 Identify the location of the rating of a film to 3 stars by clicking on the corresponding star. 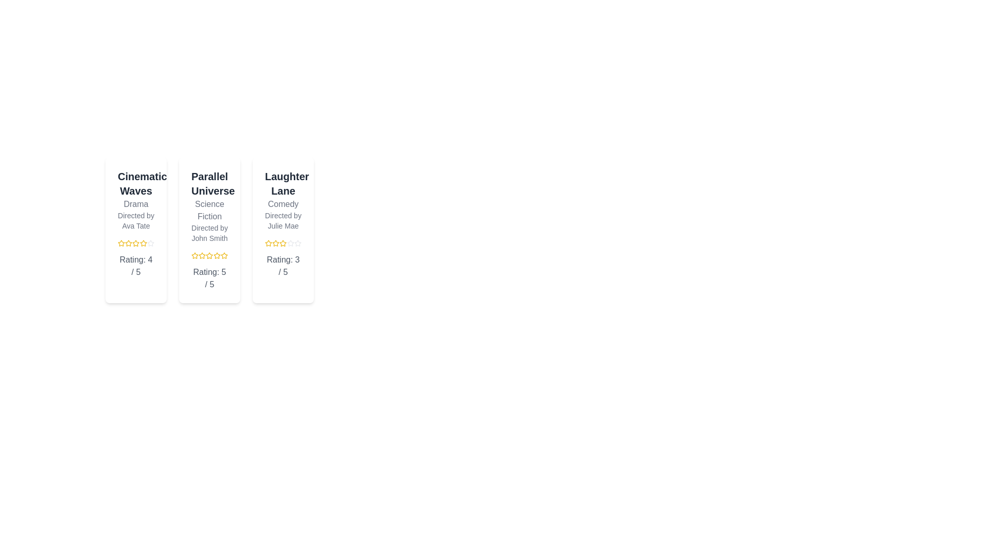
(135, 244).